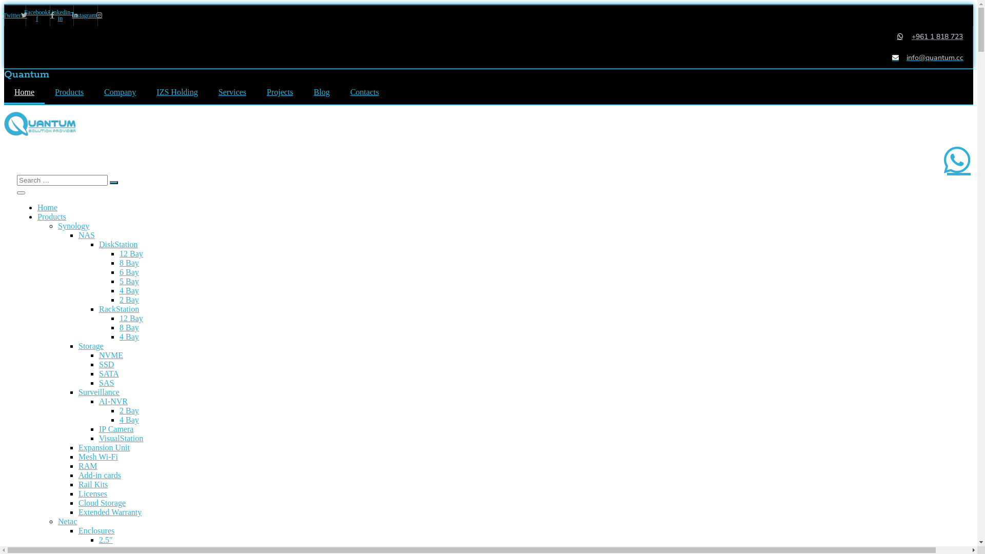 The image size is (985, 554). I want to click on 'IZS Holding', so click(177, 92).